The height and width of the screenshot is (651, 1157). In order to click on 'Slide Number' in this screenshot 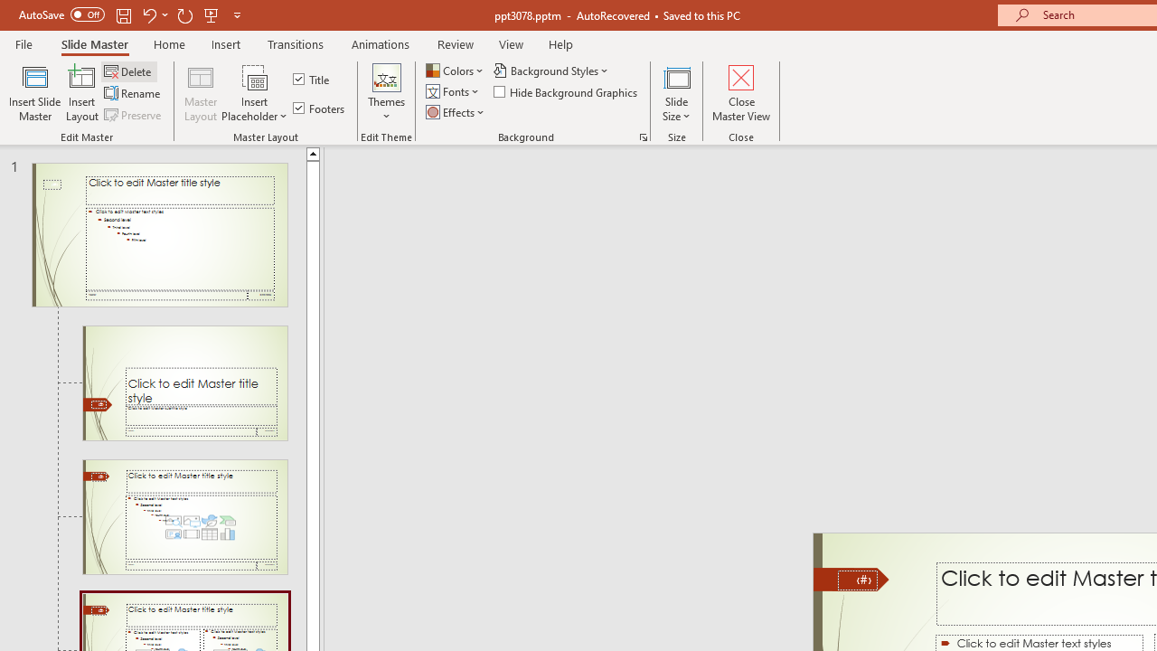, I will do `click(857, 580)`.